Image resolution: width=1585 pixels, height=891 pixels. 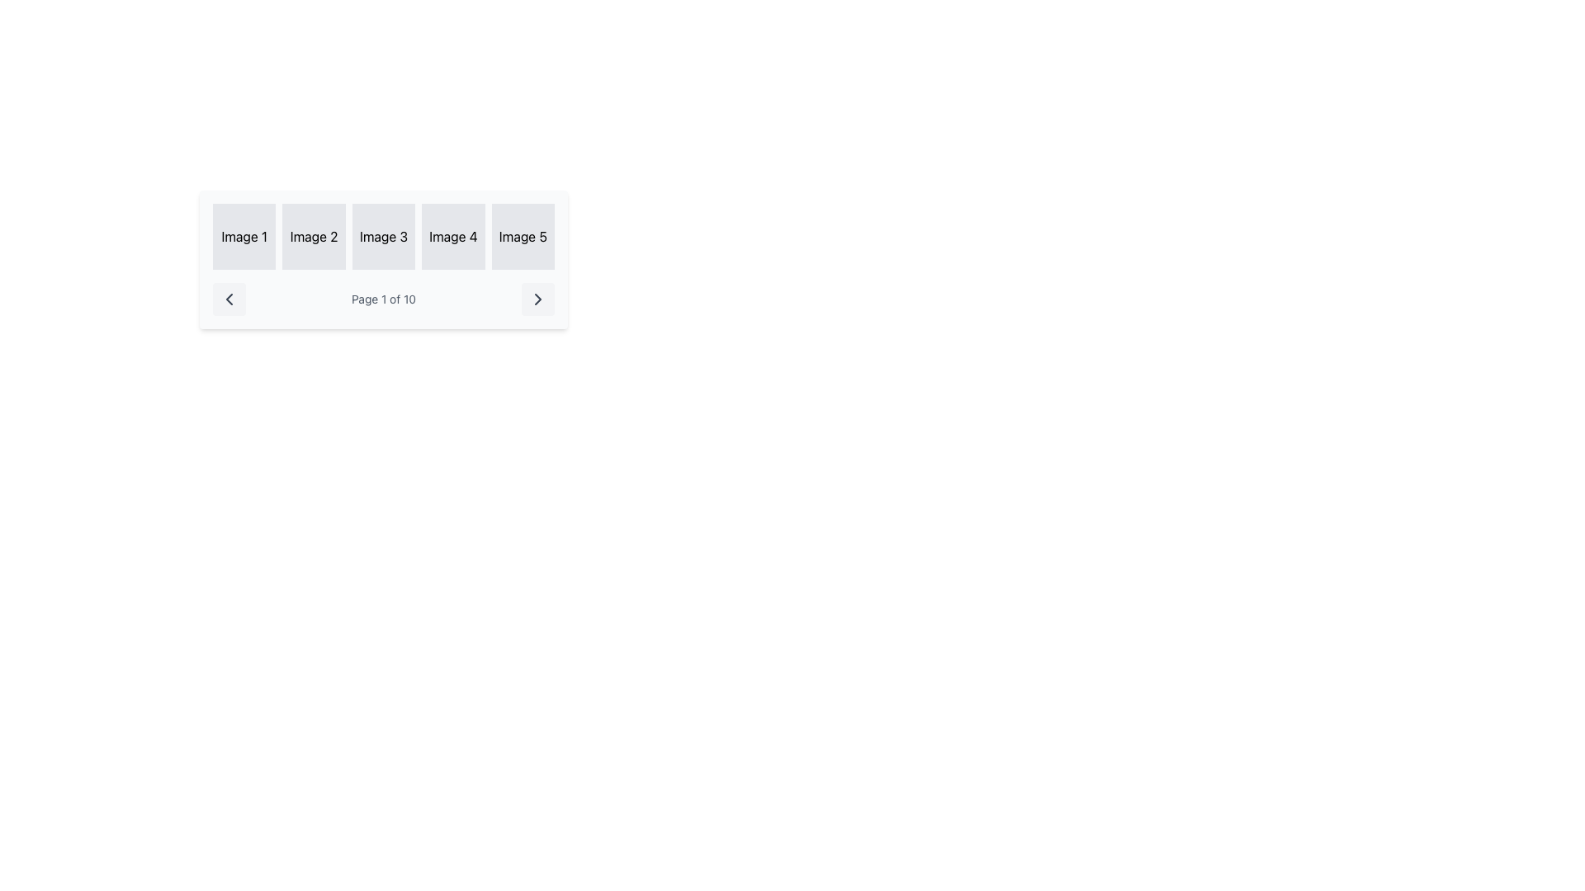 What do you see at coordinates (538, 299) in the screenshot?
I see `the right arrow navigation icon located on the far right side of the pagination control interface` at bounding box center [538, 299].